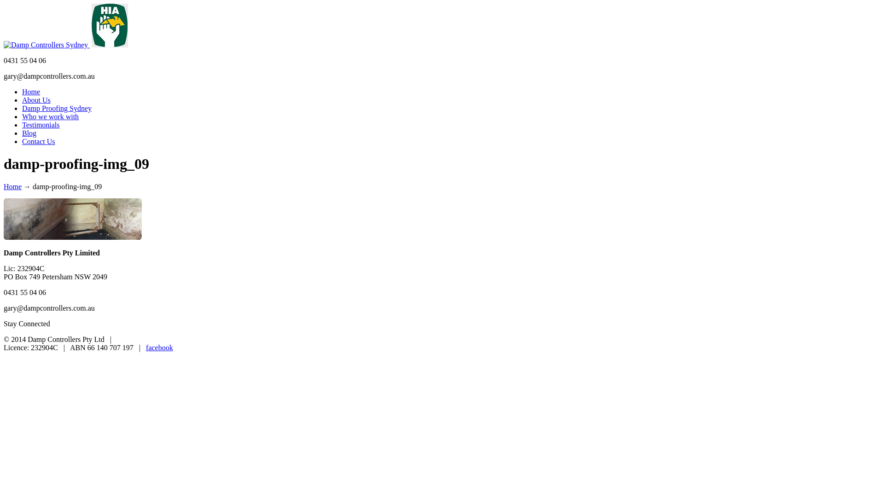  What do you see at coordinates (38, 141) in the screenshot?
I see `'Contact Us'` at bounding box center [38, 141].